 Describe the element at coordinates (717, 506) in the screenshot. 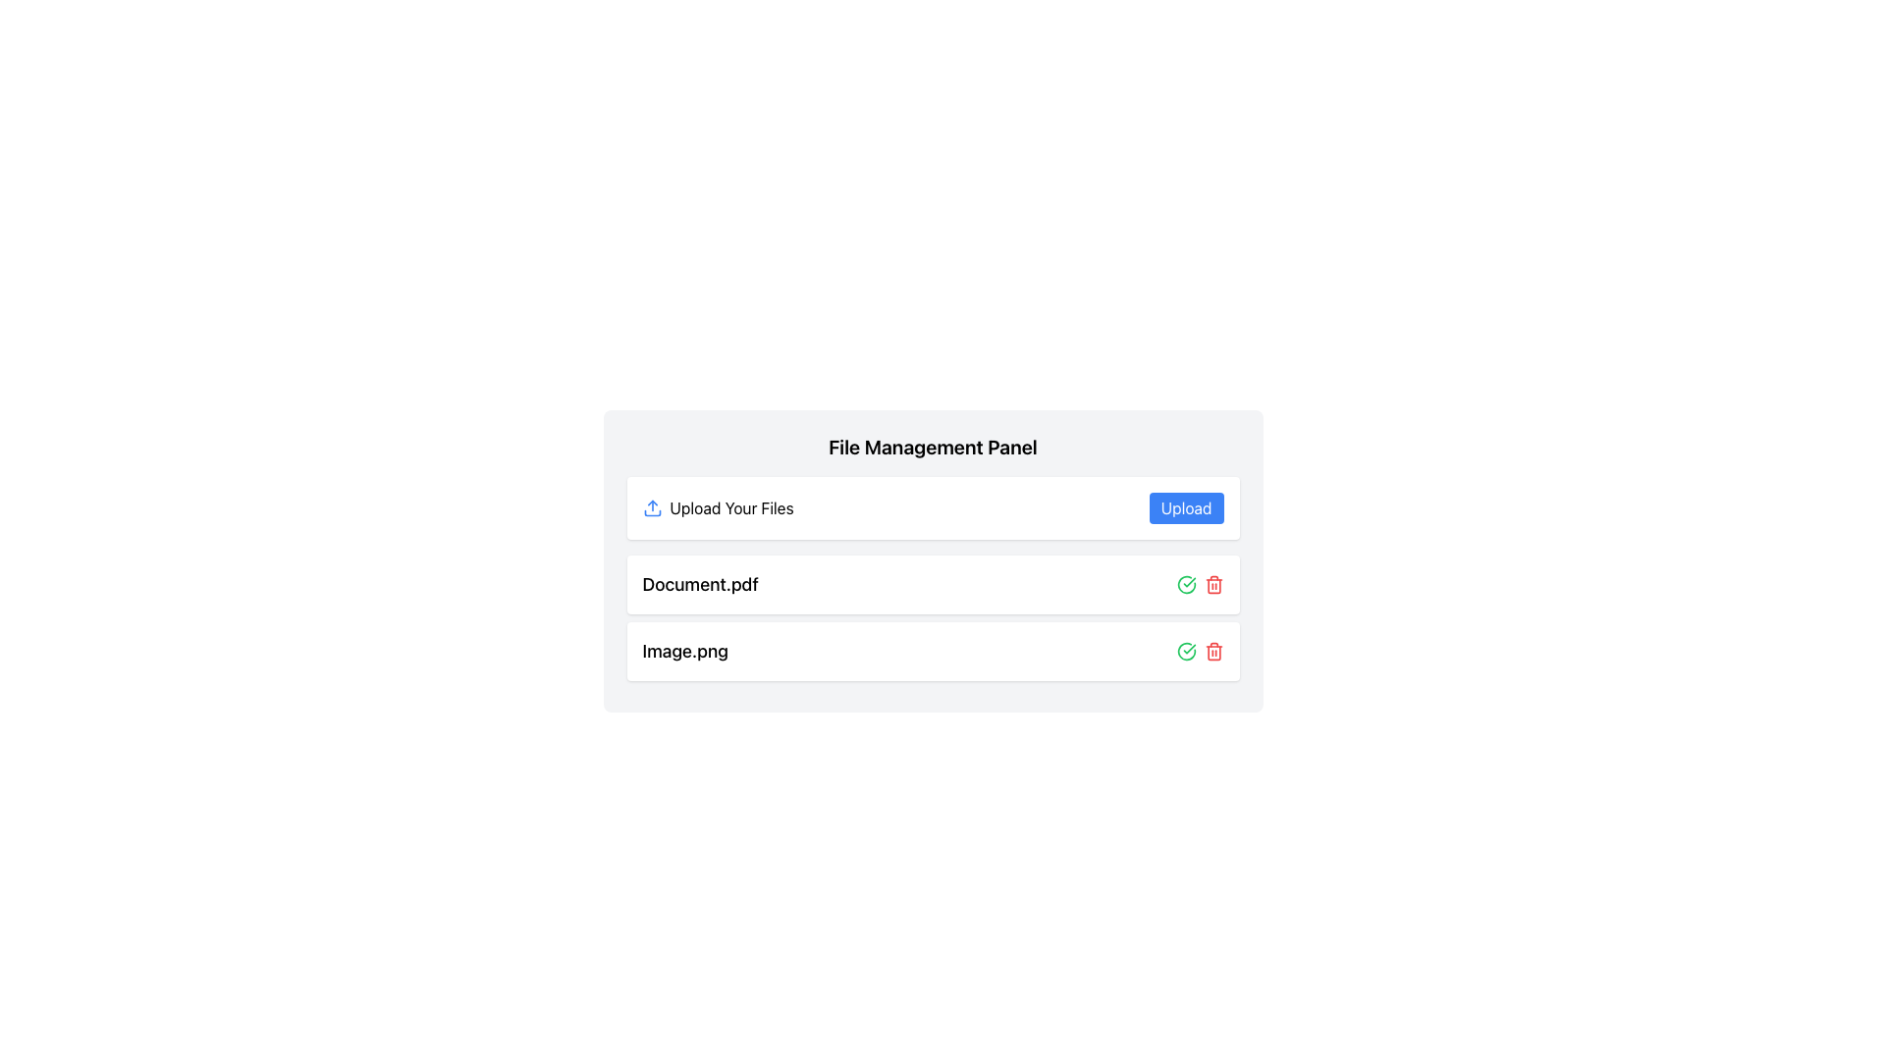

I see `the label indicating the purpose of the adjacent input for file uploading, located to the left of the blue 'Upload' button` at that location.